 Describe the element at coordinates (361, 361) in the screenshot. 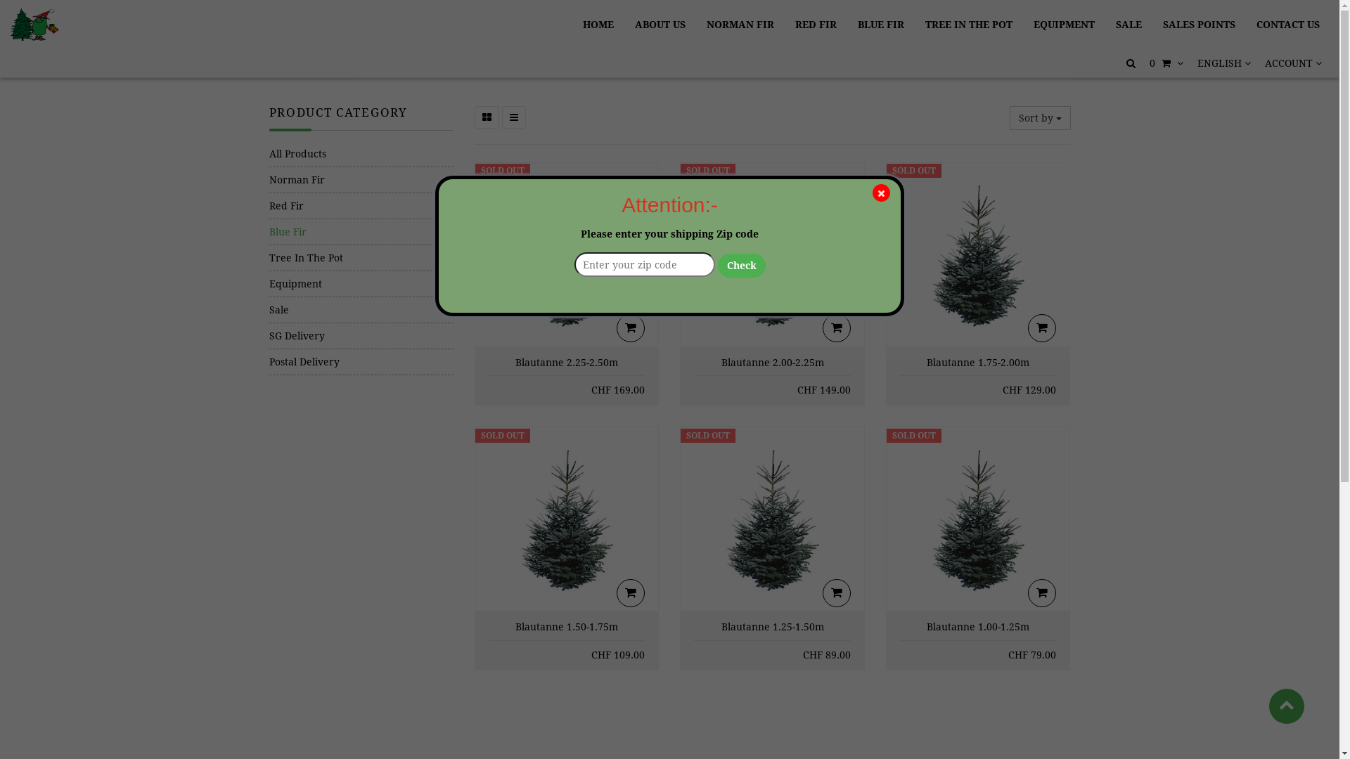

I see `'Postal Delivery'` at that location.